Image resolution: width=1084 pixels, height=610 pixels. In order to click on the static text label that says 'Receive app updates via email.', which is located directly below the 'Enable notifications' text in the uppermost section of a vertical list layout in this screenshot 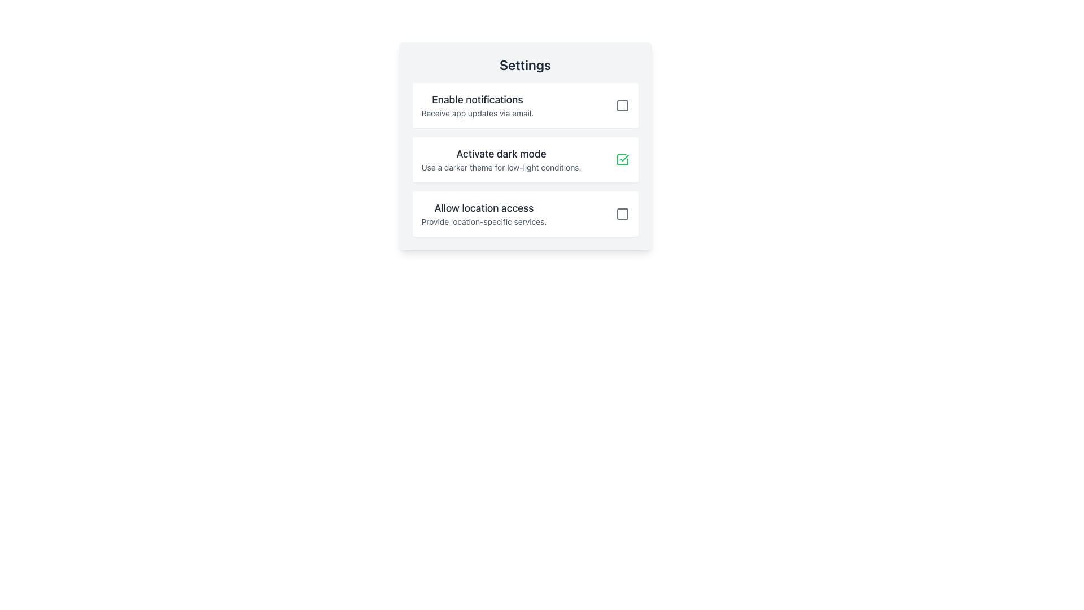, I will do `click(477, 113)`.